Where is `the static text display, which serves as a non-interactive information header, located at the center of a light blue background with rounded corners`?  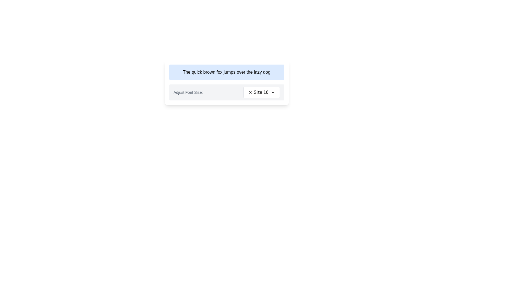 the static text display, which serves as a non-interactive information header, located at the center of a light blue background with rounded corners is located at coordinates (227, 72).